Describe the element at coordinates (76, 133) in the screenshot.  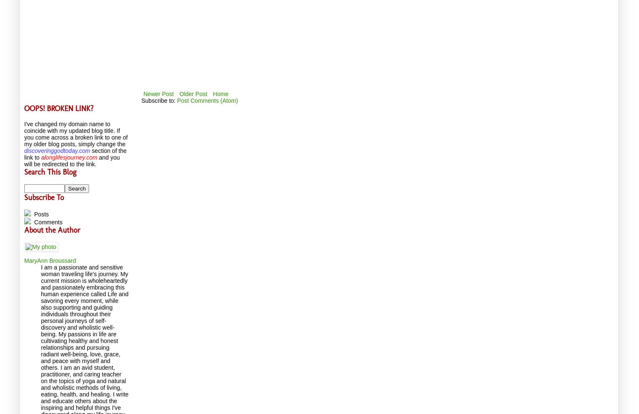
I see `'I've changed my domain name to coincide with my updated blog title.  If you come across a broken link to one of my older blog posts, simply change the'` at that location.